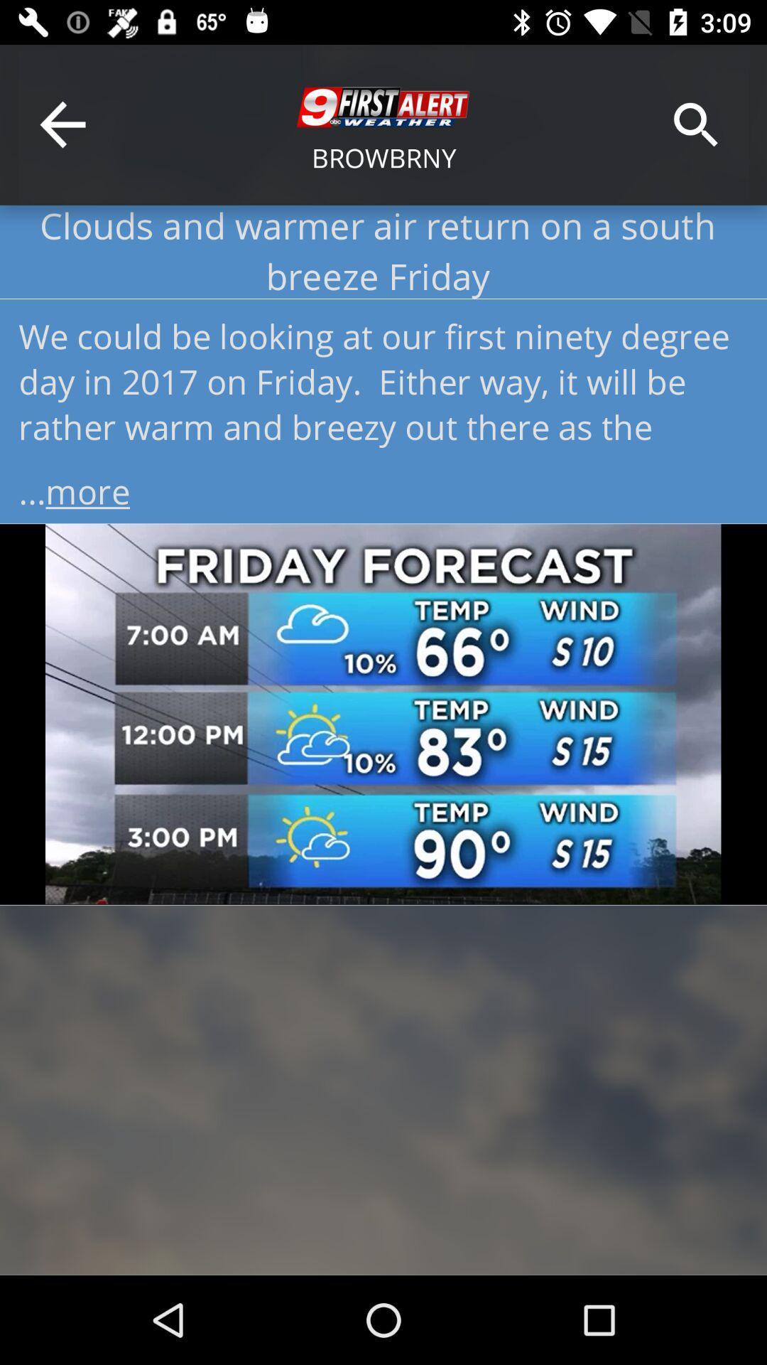 This screenshot has width=767, height=1365. I want to click on item below the we could be item, so click(383, 486).